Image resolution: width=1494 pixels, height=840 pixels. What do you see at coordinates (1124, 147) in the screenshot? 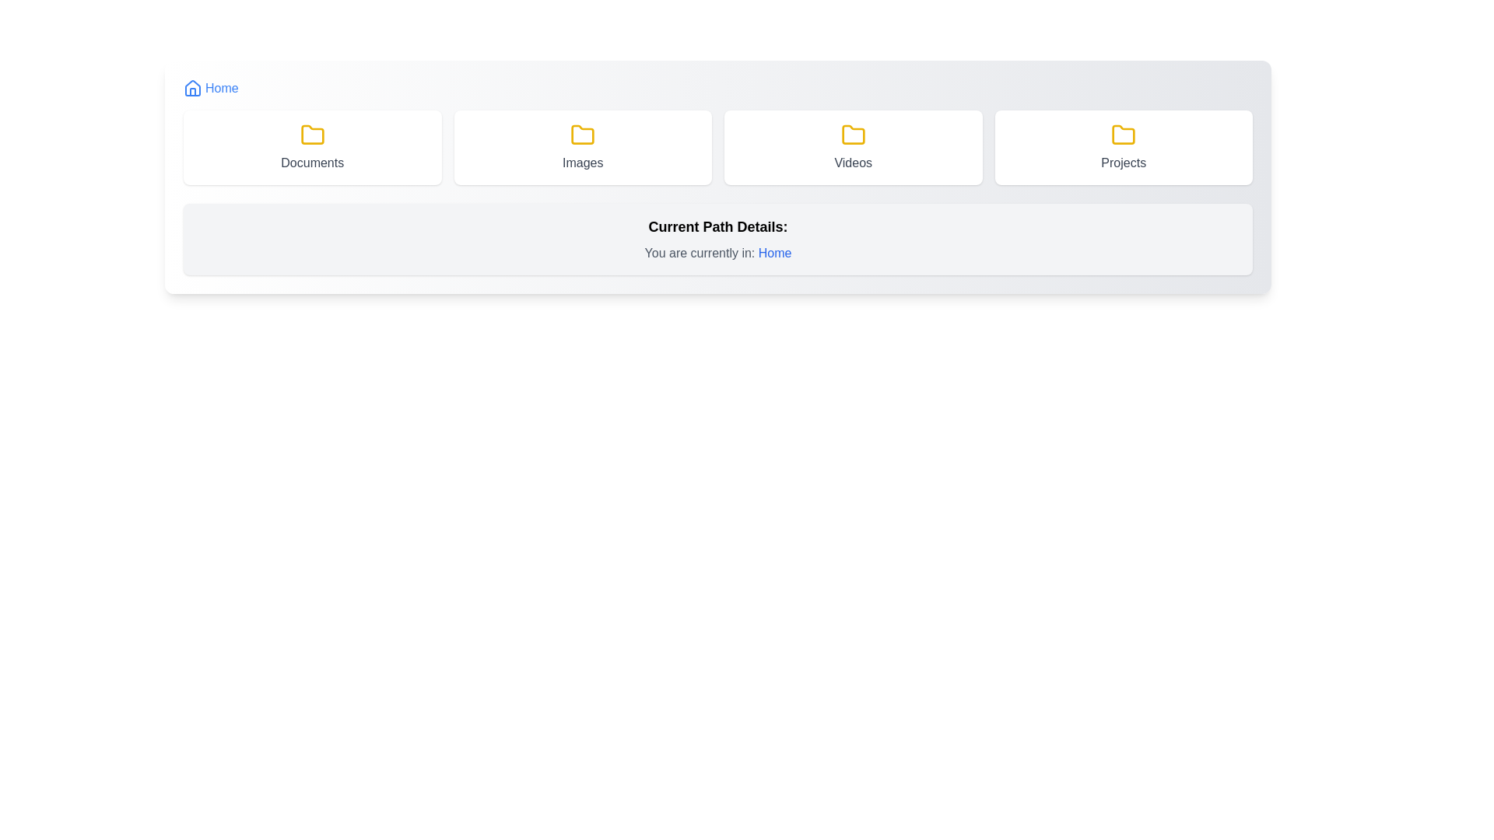
I see `the 'Projects' button, which is a panel with a white background and a yellow folder icon` at bounding box center [1124, 147].